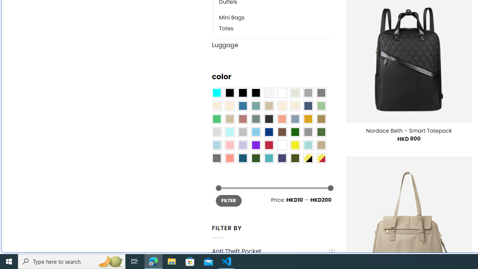  I want to click on 'Silver', so click(243, 132).